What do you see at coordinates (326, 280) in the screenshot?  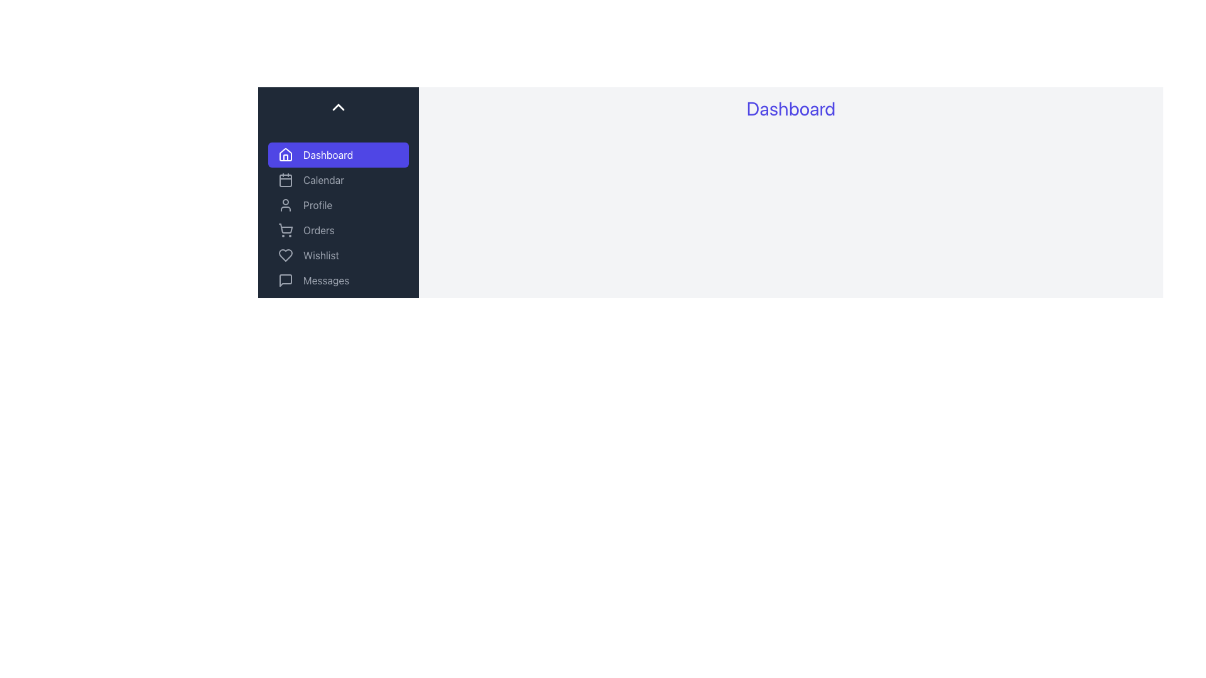 I see `the 'Messages' text label in the vertical sidebar menu, which is accompanied by a speech bubble icon` at bounding box center [326, 280].